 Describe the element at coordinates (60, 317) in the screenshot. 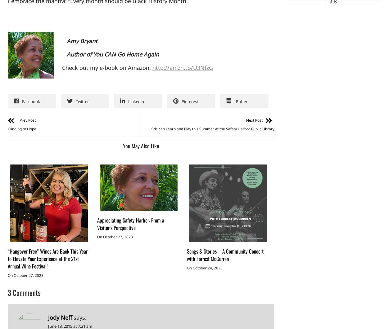

I see `'Jody Neff'` at that location.